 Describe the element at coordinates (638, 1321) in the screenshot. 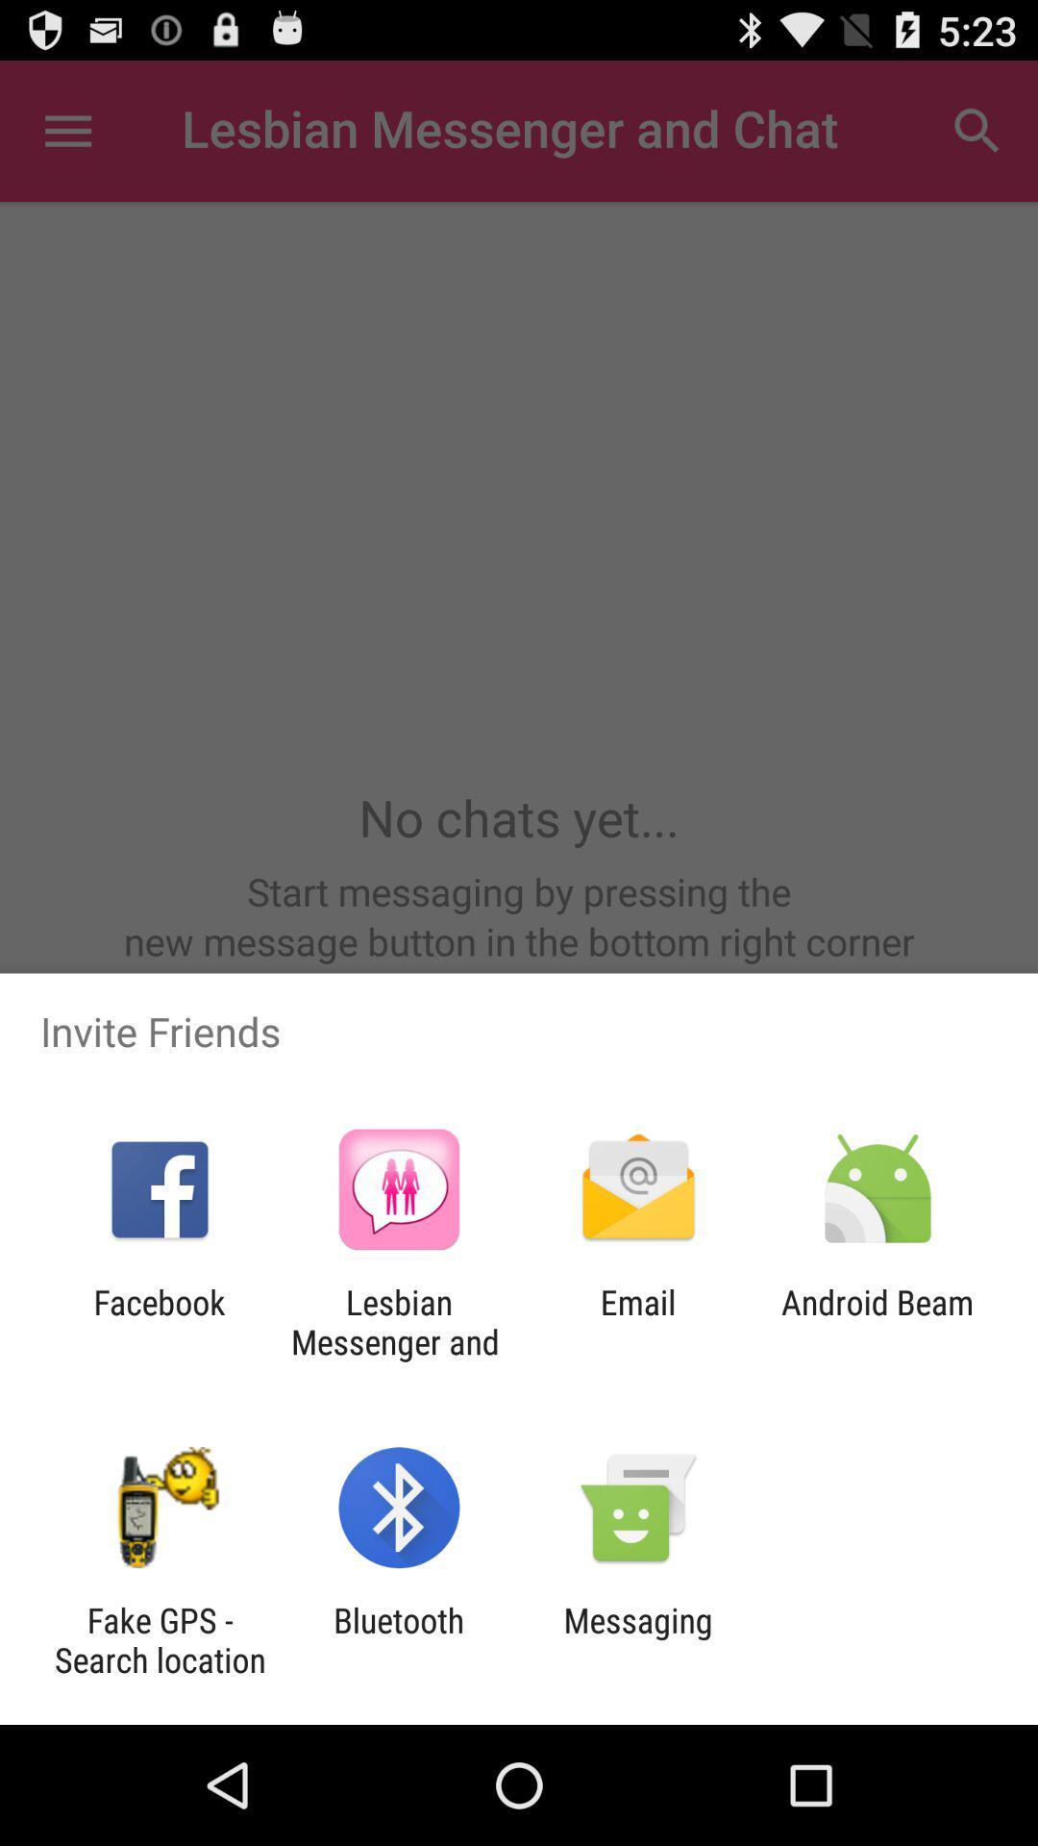

I see `app next to android beam icon` at that location.